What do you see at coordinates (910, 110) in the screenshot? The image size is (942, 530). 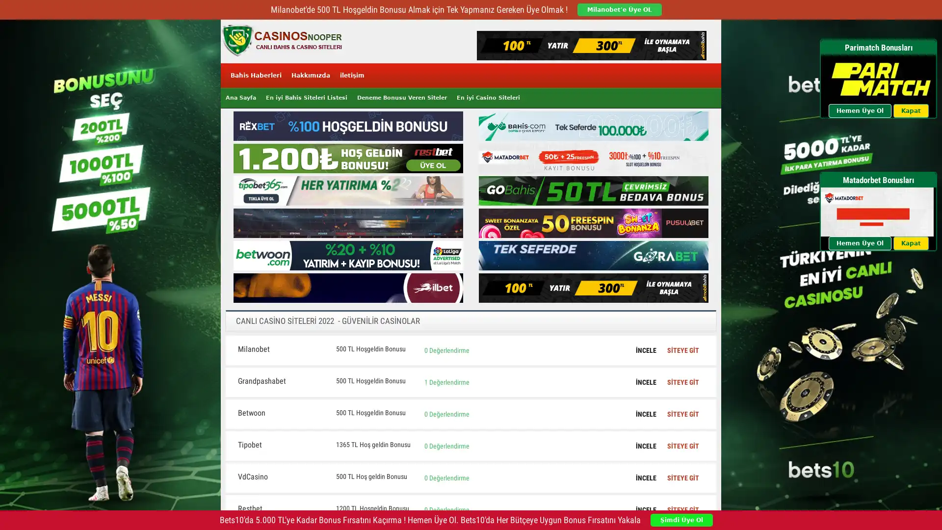 I see `Kapat` at bounding box center [910, 110].